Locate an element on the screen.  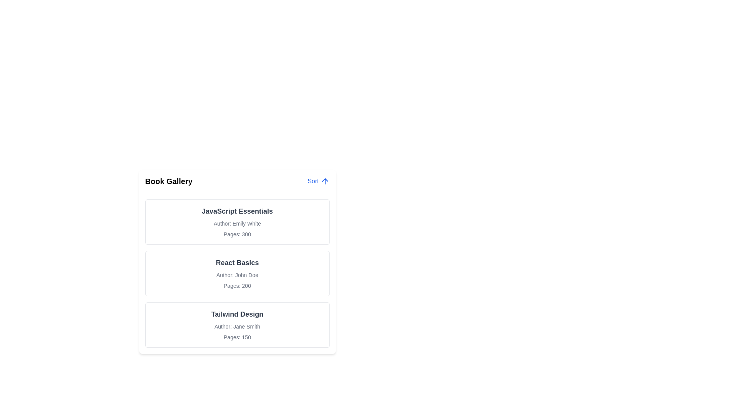
text label that displays 'Author: John Doe' located within the card for the book 'React Basics' is located at coordinates (237, 275).